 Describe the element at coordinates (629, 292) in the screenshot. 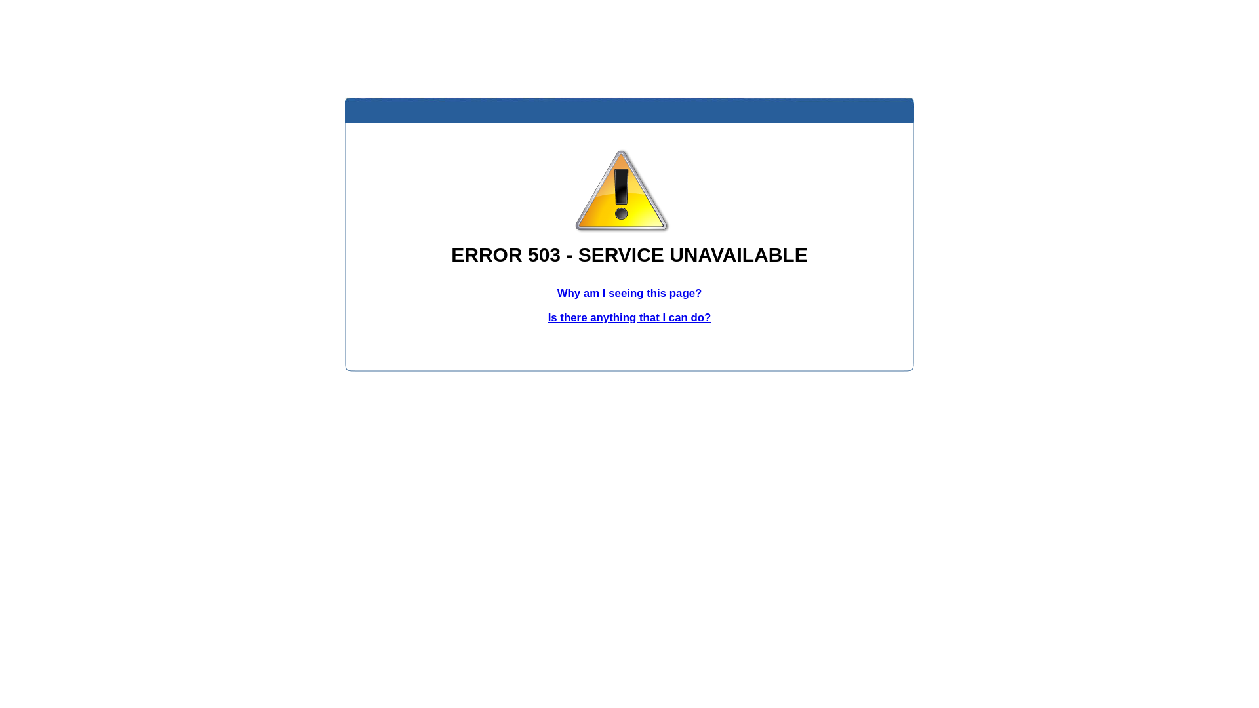

I see `'Why am I seeing this page?'` at that location.